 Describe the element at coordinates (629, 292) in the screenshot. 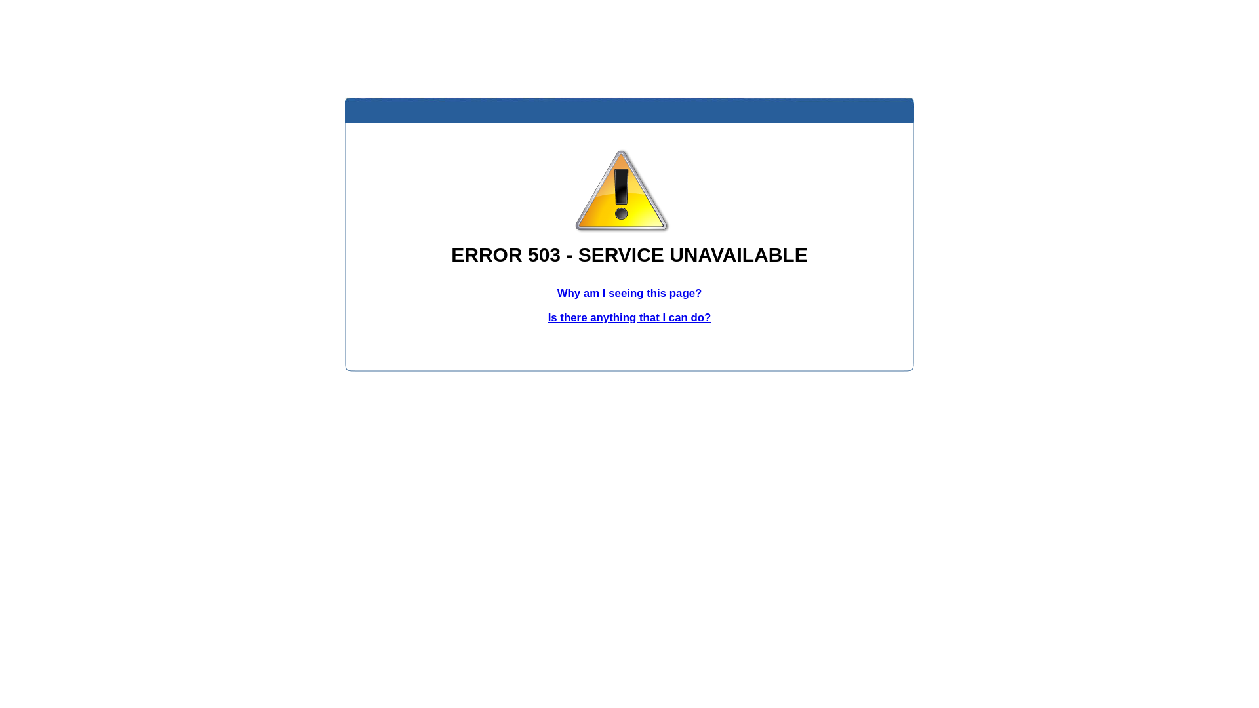

I see `'Why am I seeing this page?'` at that location.